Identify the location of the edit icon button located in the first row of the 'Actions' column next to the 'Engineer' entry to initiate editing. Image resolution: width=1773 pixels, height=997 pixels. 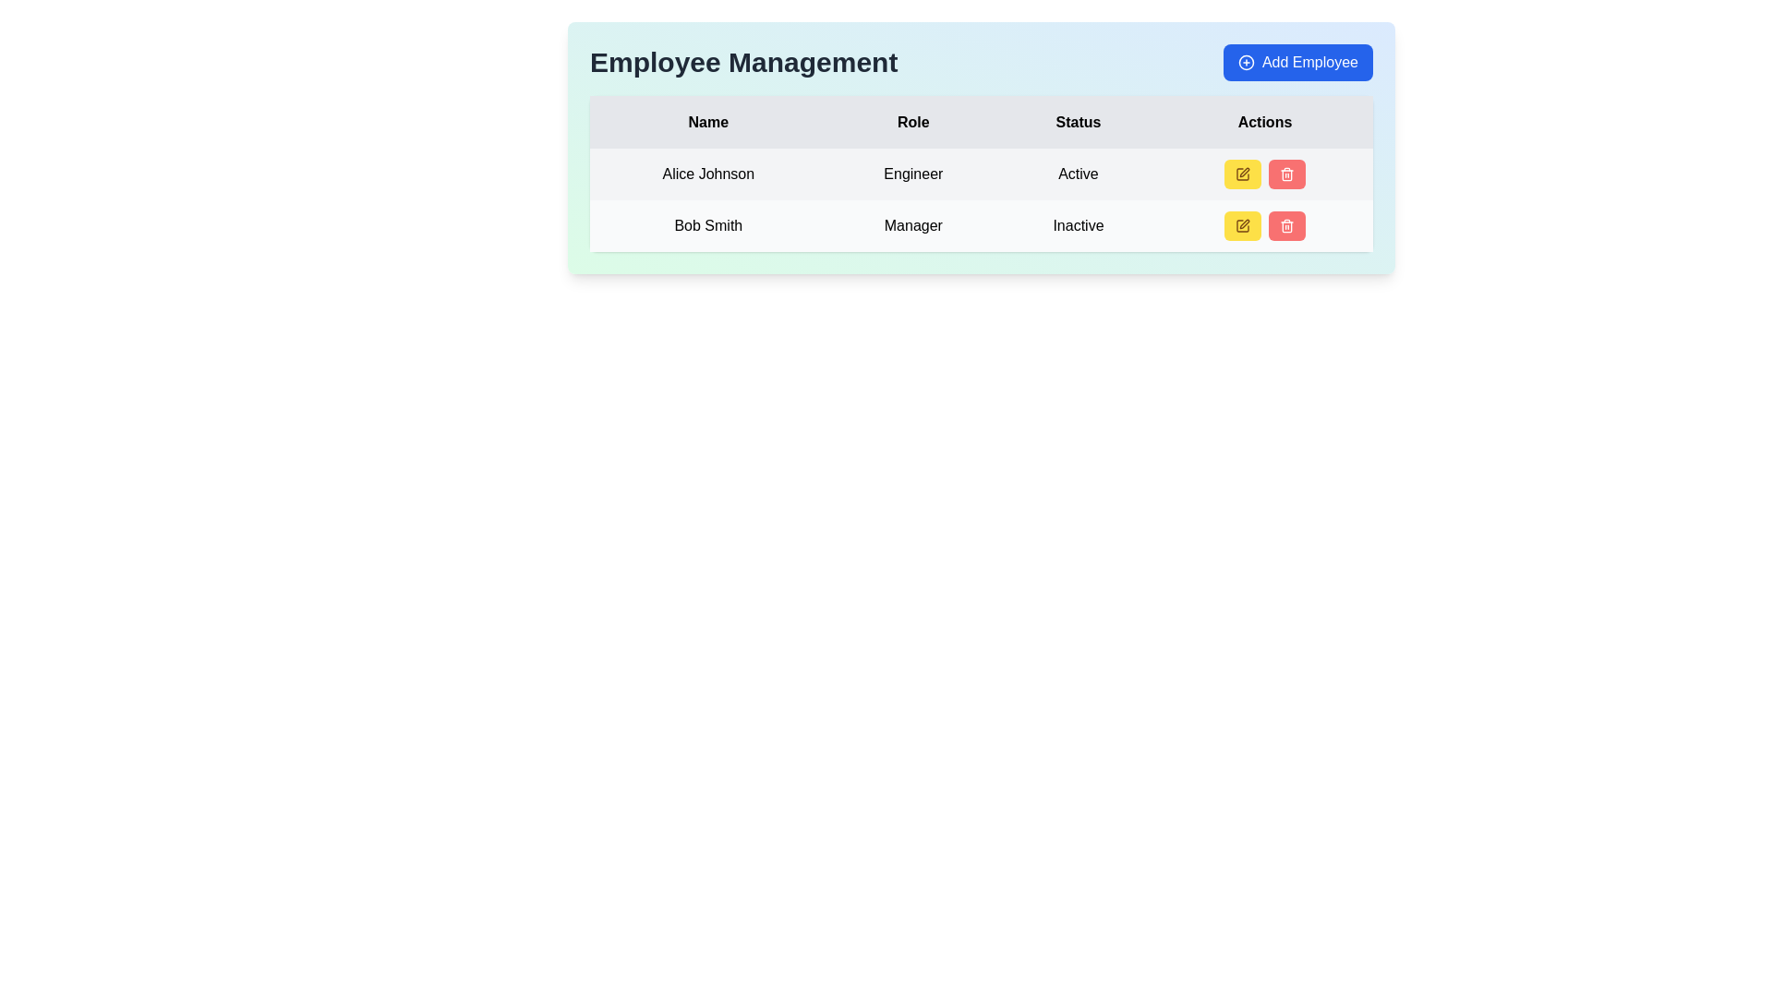
(1242, 174).